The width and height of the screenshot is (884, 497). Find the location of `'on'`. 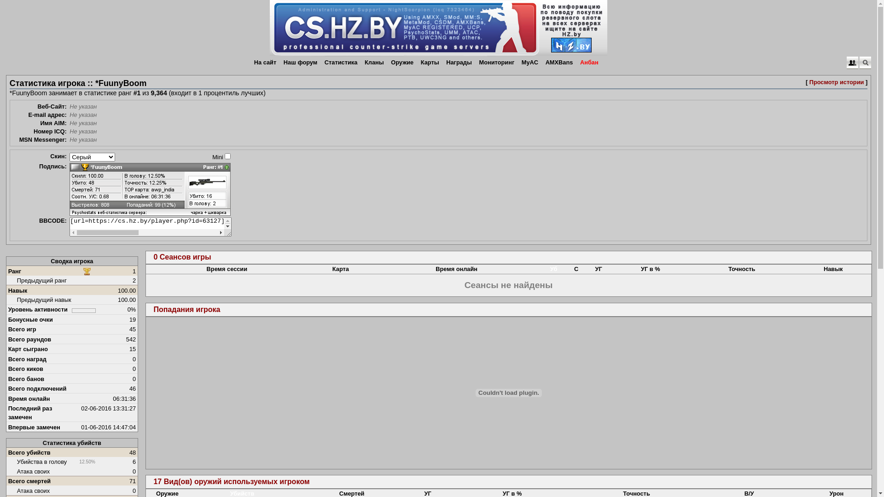

'on' is located at coordinates (227, 156).